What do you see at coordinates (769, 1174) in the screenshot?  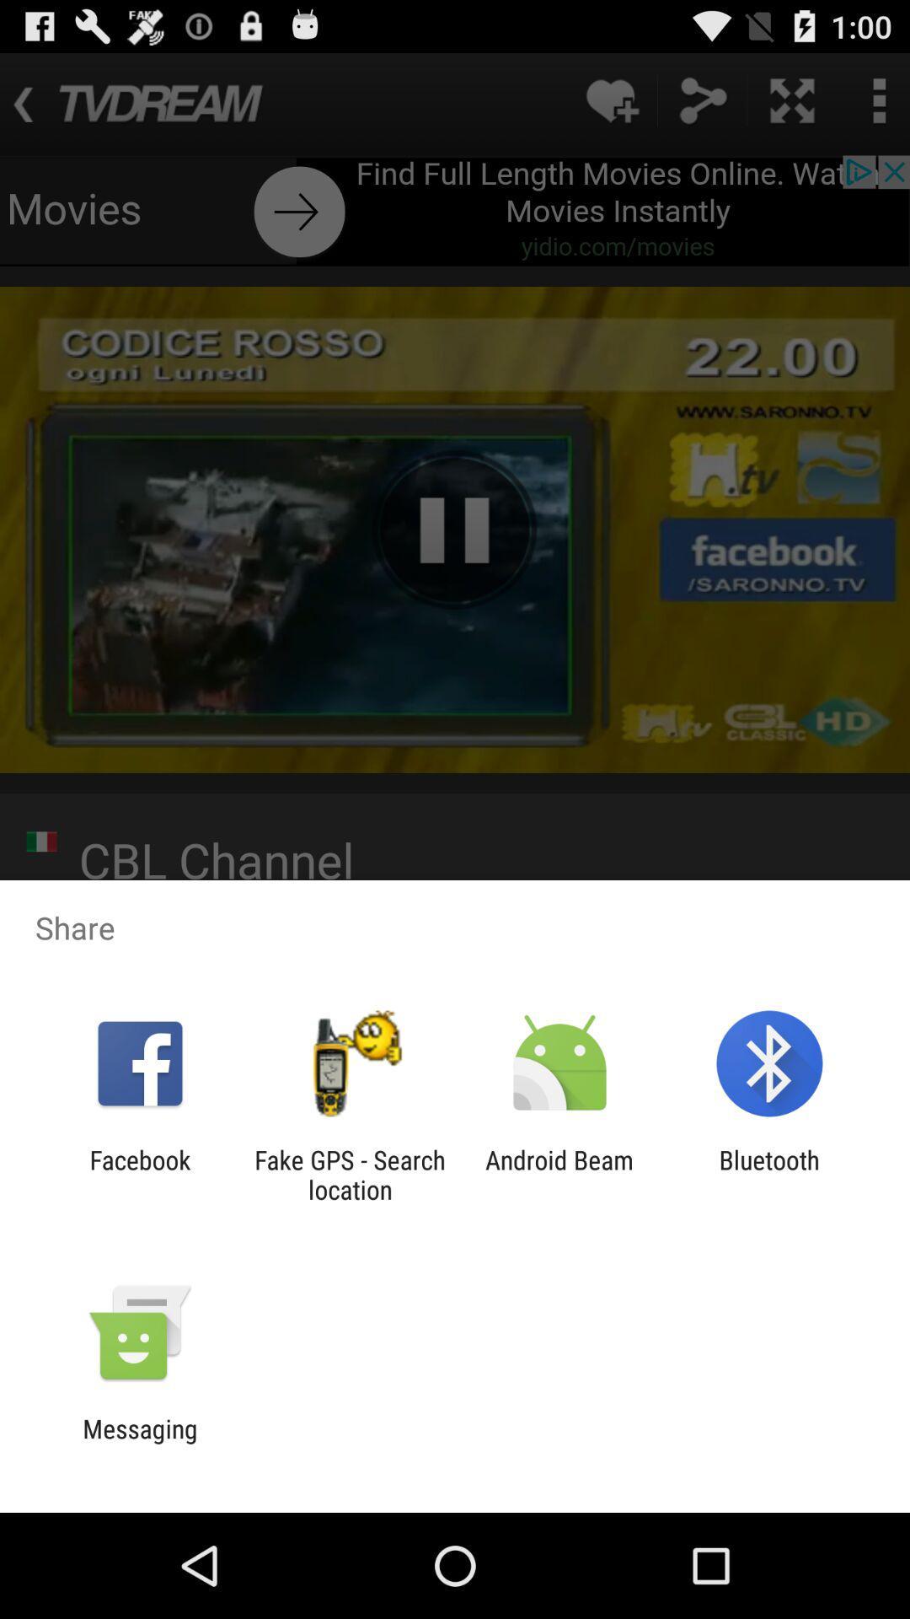 I see `bluetooth icon` at bounding box center [769, 1174].